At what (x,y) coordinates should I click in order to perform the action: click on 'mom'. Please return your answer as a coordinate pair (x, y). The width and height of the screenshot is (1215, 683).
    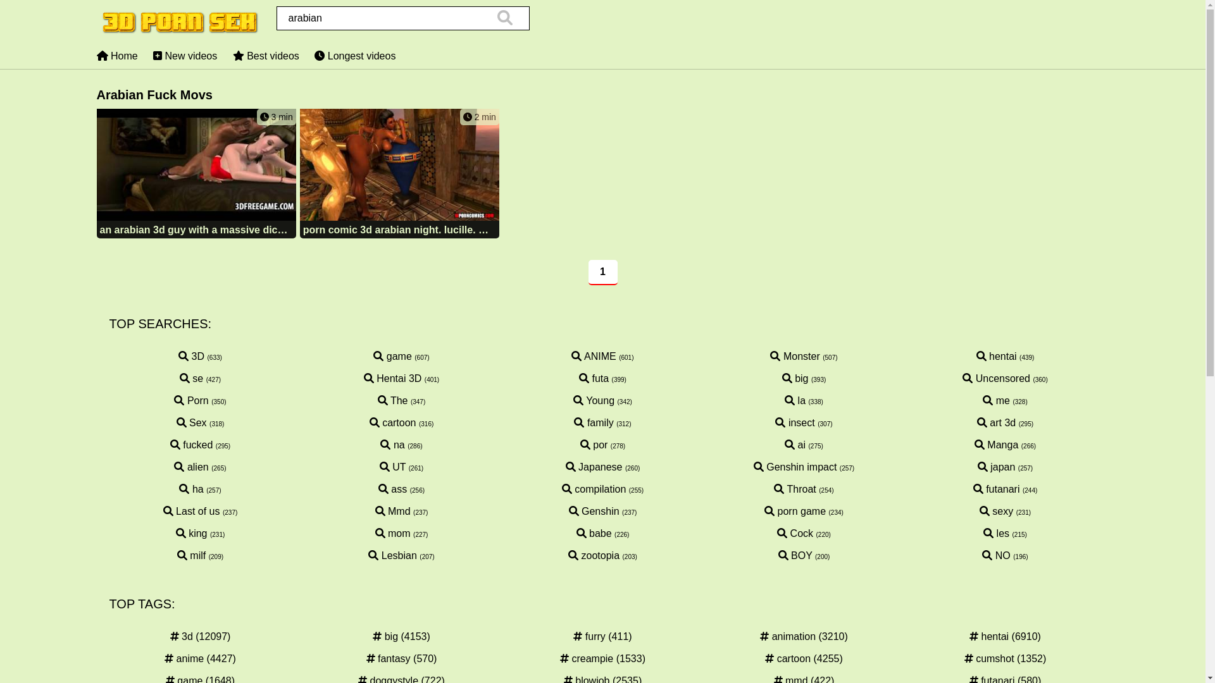
    Looking at the image, I should click on (392, 533).